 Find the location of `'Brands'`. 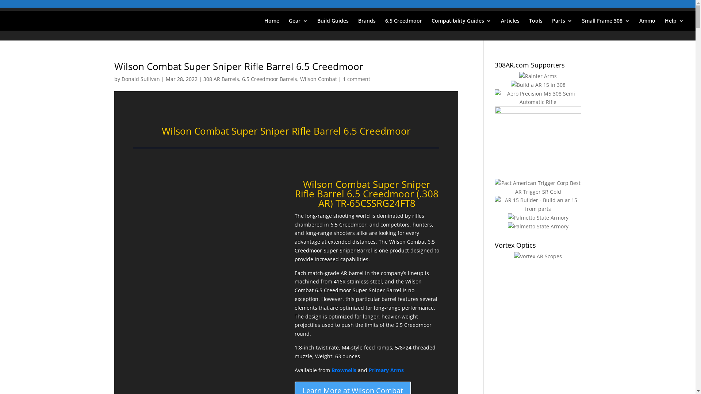

'Brands' is located at coordinates (367, 24).